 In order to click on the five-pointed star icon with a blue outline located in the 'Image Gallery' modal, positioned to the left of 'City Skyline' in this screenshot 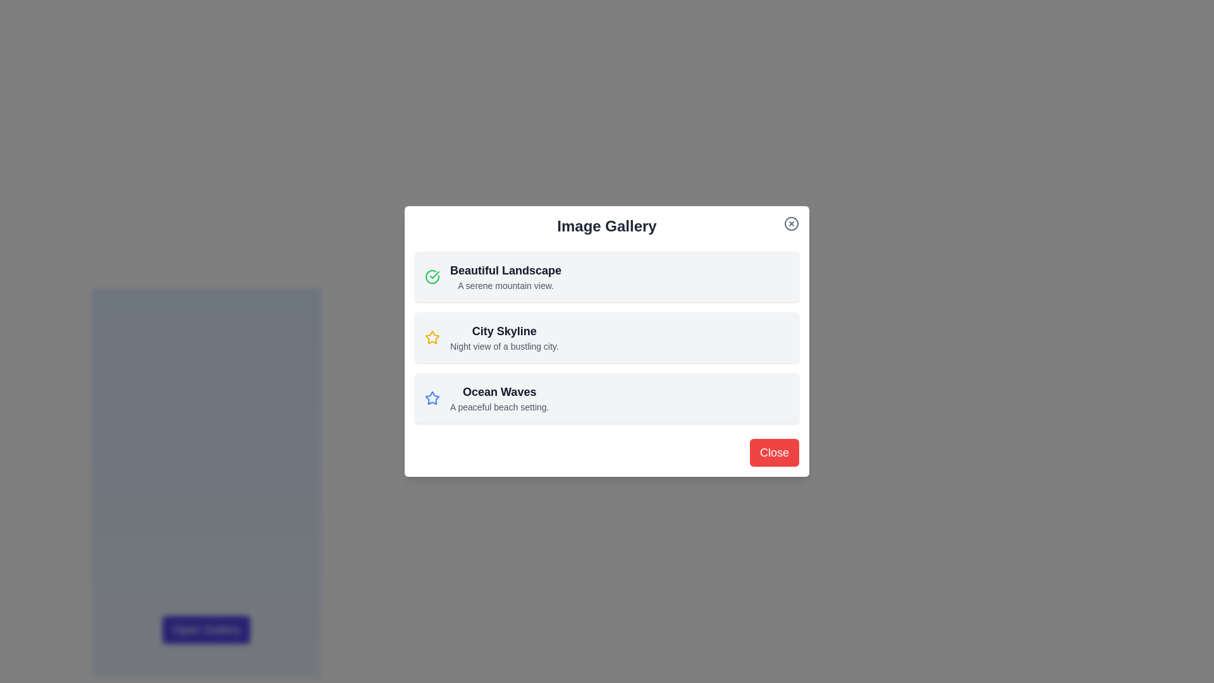, I will do `click(432, 397)`.